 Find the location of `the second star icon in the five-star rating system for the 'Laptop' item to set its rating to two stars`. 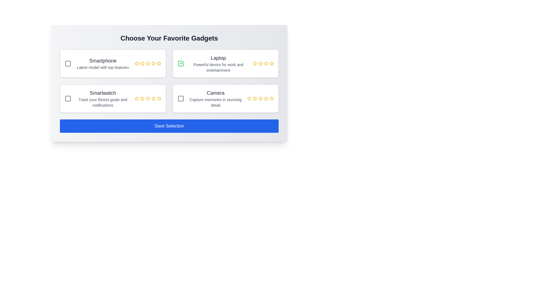

the second star icon in the five-star rating system for the 'Laptop' item to set its rating to two stars is located at coordinates (260, 63).